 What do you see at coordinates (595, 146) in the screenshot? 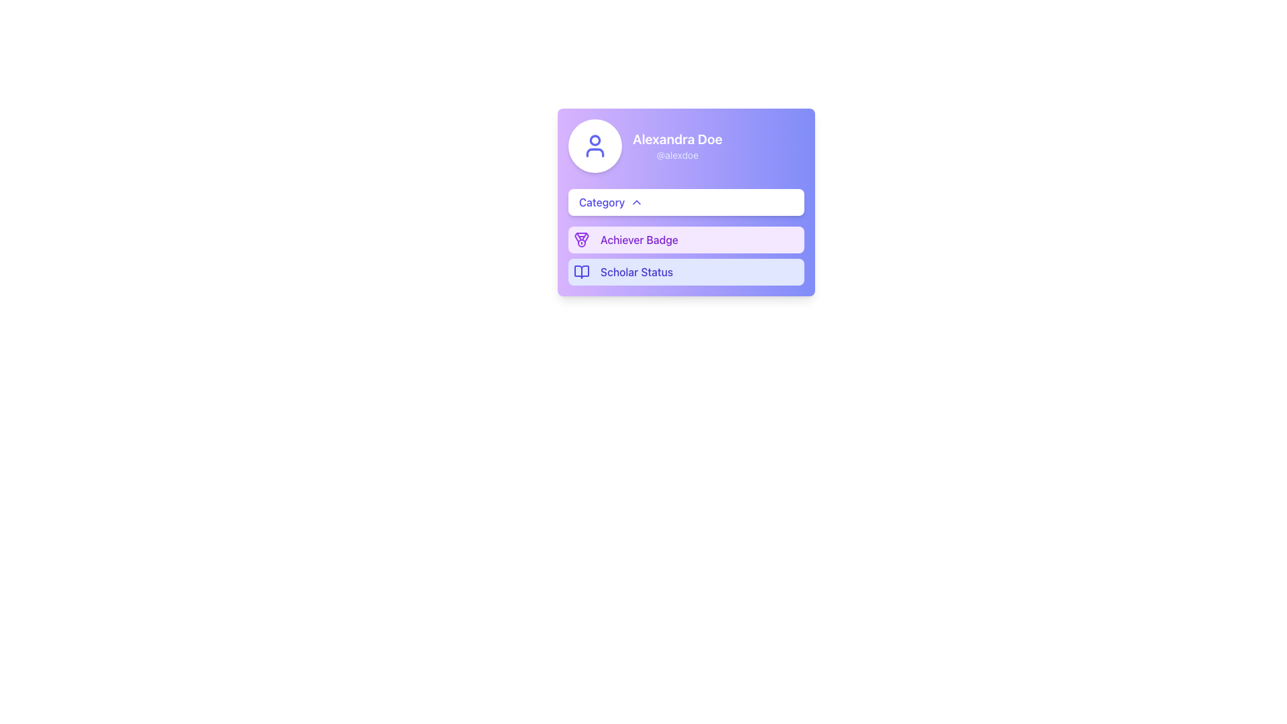
I see `SVG graphic representing the user's profile picture or avatar located at the top left of the card-like interface by clicking on it` at bounding box center [595, 146].